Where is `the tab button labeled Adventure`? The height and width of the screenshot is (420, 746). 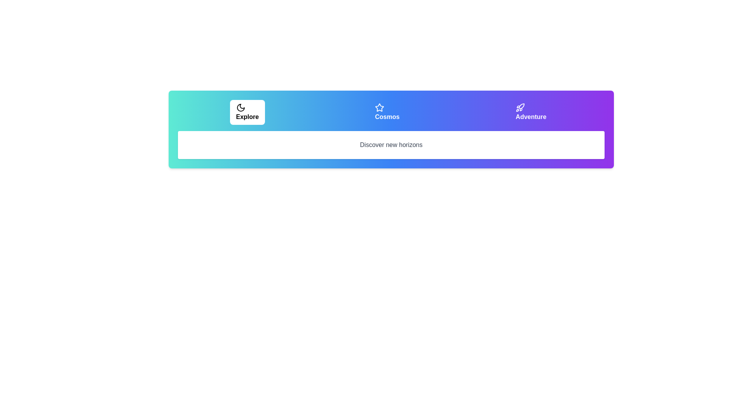 the tab button labeled Adventure is located at coordinates (530, 112).